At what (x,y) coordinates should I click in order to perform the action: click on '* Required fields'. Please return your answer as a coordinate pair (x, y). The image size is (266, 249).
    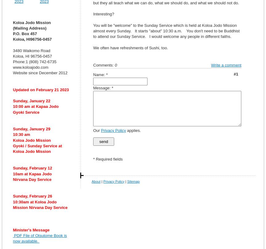
    Looking at the image, I should click on (108, 159).